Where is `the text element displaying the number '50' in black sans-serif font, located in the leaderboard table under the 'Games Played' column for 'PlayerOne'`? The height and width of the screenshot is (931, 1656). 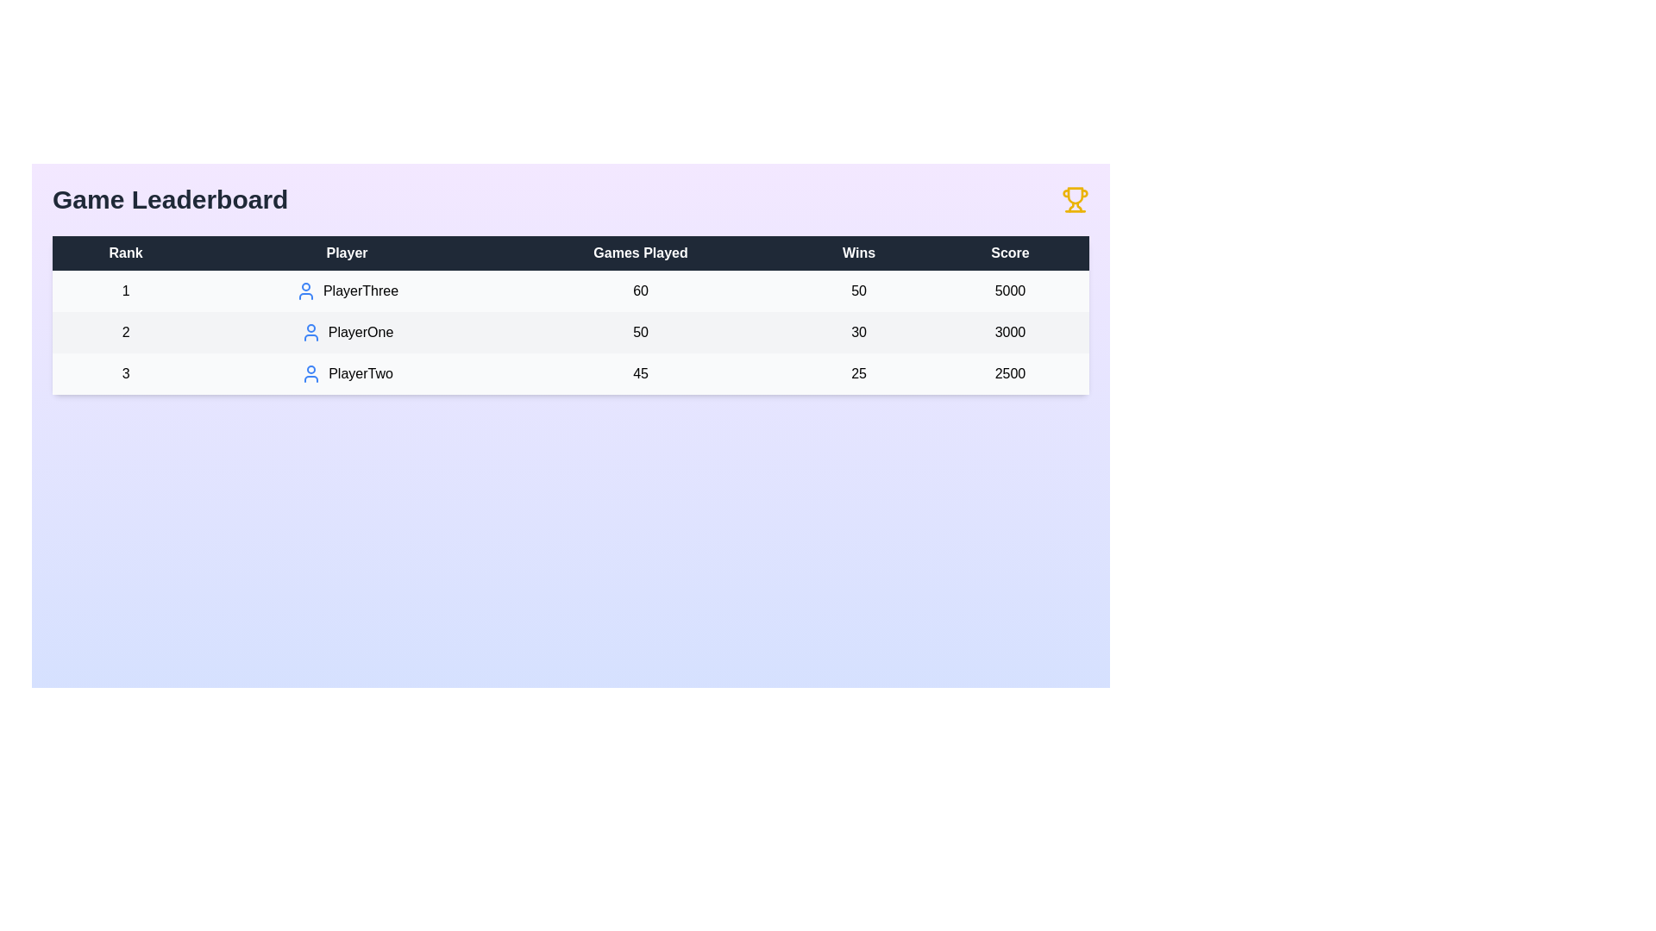 the text element displaying the number '50' in black sans-serif font, located in the leaderboard table under the 'Games Played' column for 'PlayerOne' is located at coordinates (640, 332).